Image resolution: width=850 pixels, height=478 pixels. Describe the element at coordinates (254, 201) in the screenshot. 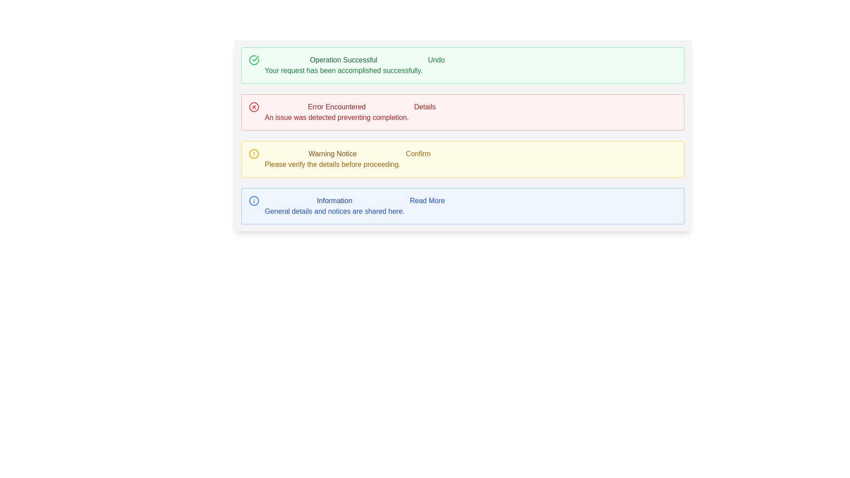

I see `the information icon, which is a blue circular outline with an 'i' in its center, located at the leftmost side of the lower-most card in a vertical stack of cards` at that location.